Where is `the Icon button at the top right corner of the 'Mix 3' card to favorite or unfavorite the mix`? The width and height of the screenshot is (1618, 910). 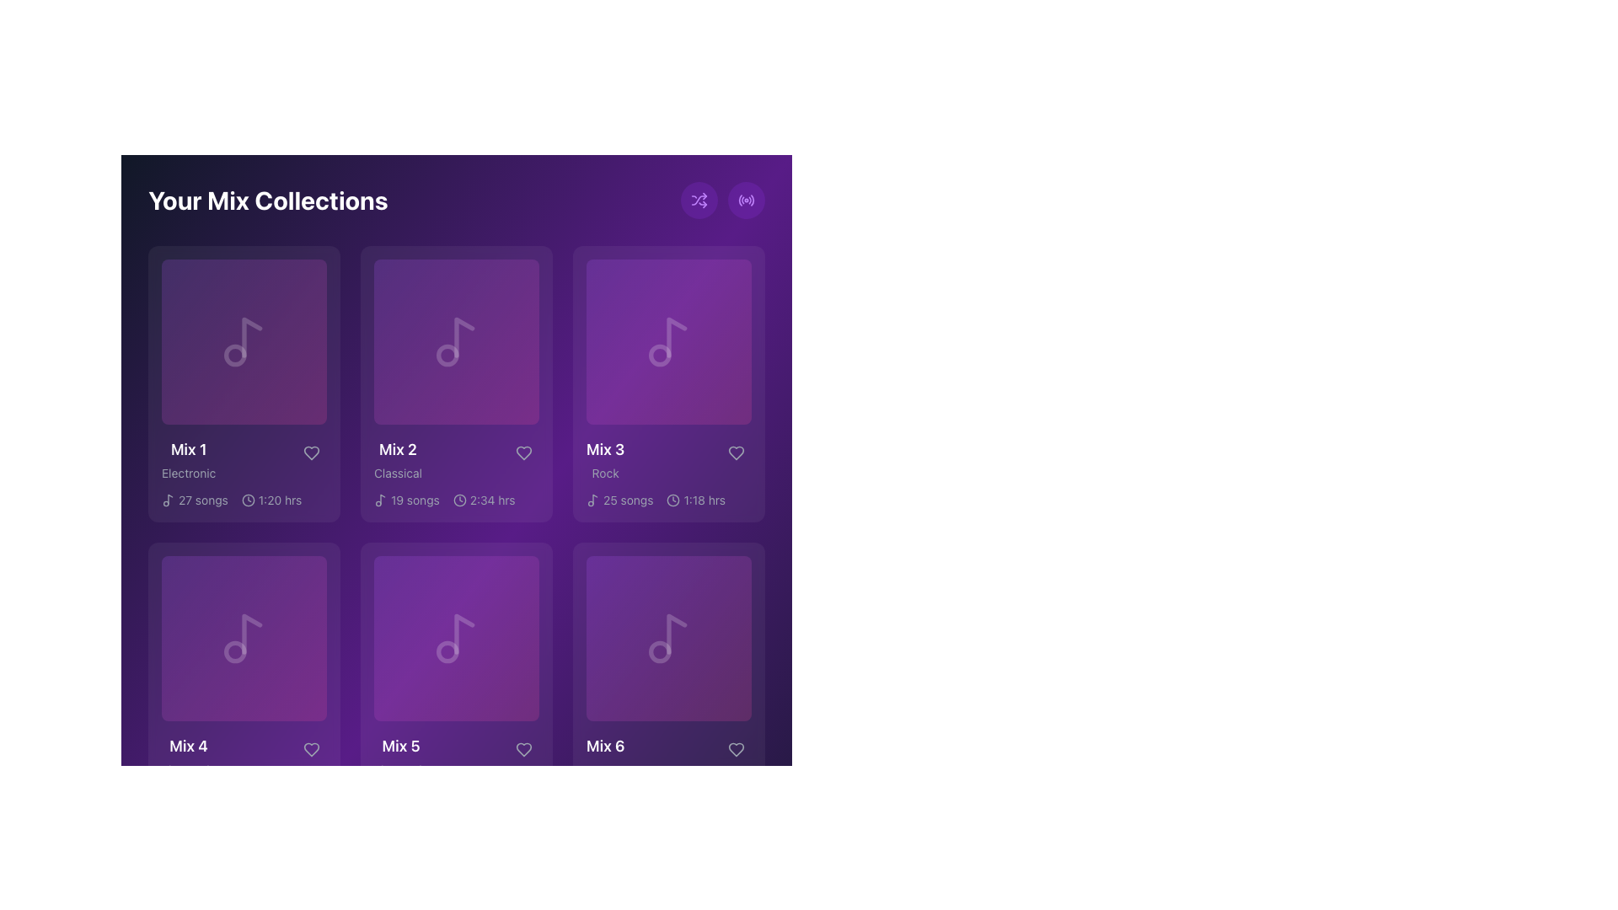 the Icon button at the top right corner of the 'Mix 3' card to favorite or unfavorite the mix is located at coordinates (736, 452).